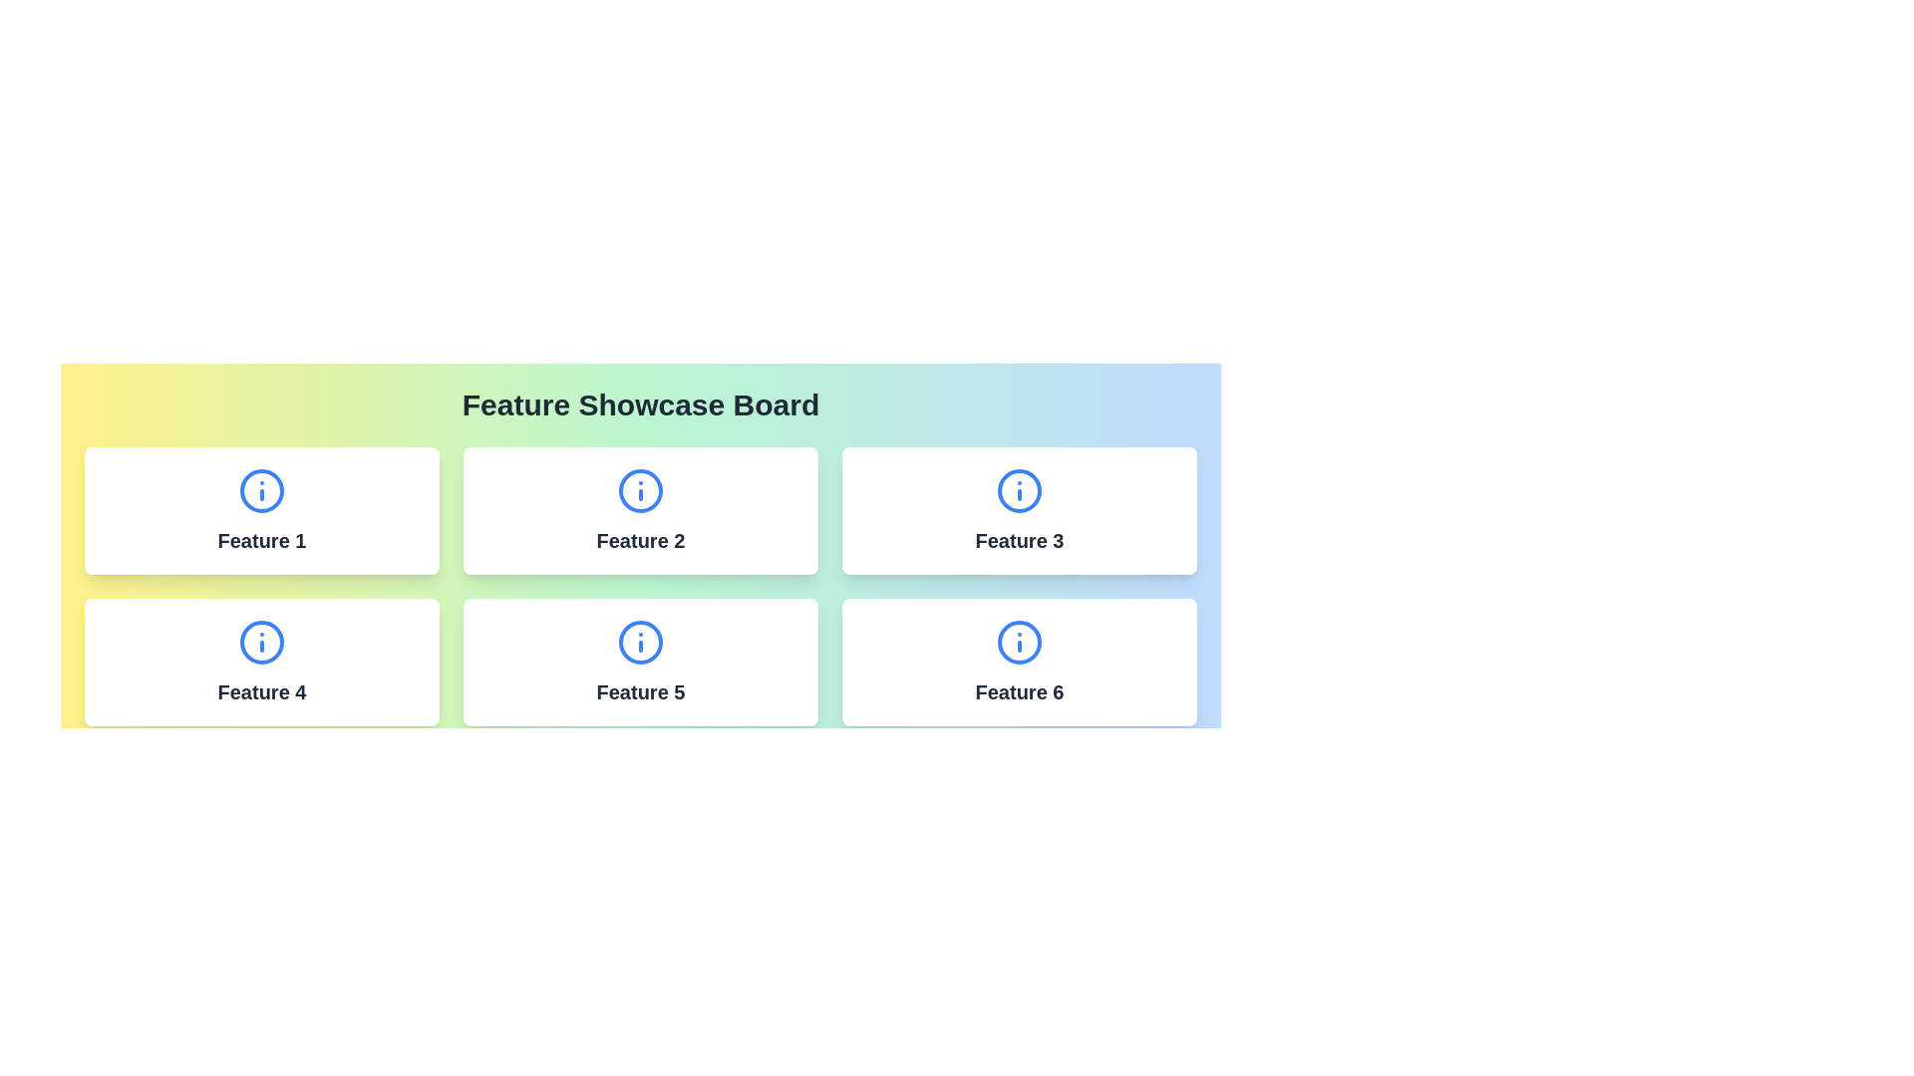 The height and width of the screenshot is (1076, 1914). I want to click on the information icon located at the top-center of the 'Feature 4' card in the second row of the grid layout, so click(261, 642).